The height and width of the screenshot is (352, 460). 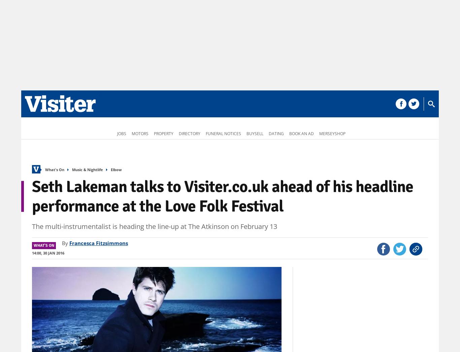 I want to click on 'The multi-instrumentalist is heading the line-up at The Atkinson on February 13', so click(x=32, y=226).